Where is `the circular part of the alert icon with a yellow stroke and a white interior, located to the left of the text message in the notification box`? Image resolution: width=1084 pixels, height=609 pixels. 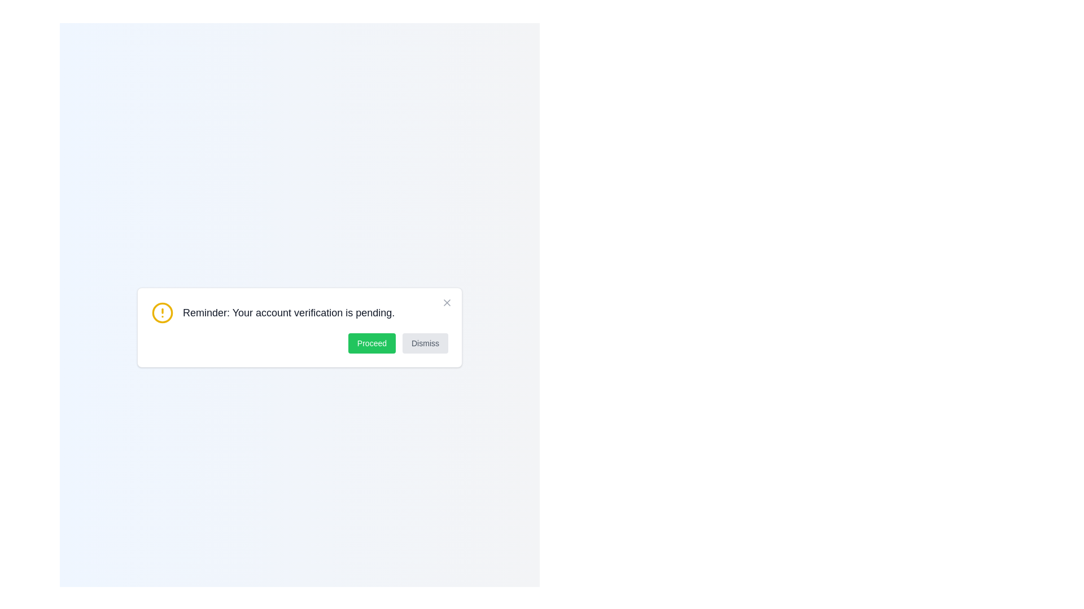
the circular part of the alert icon with a yellow stroke and a white interior, located to the left of the text message in the notification box is located at coordinates (162, 313).